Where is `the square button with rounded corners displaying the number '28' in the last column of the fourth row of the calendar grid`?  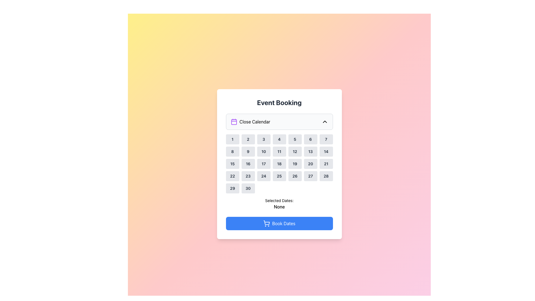
the square button with rounded corners displaying the number '28' in the last column of the fourth row of the calendar grid is located at coordinates (326, 176).